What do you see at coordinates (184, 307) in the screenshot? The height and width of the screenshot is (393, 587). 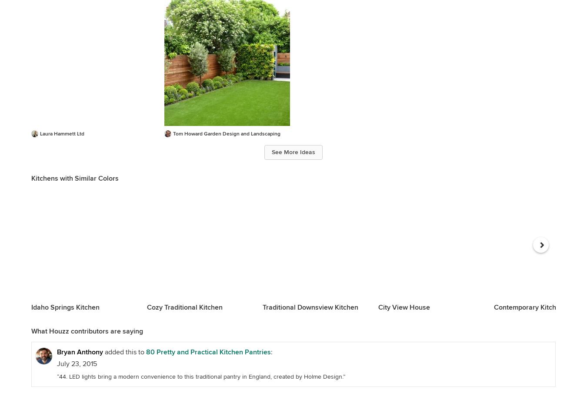 I see `'Cozy Traditional Kitchen'` at bounding box center [184, 307].